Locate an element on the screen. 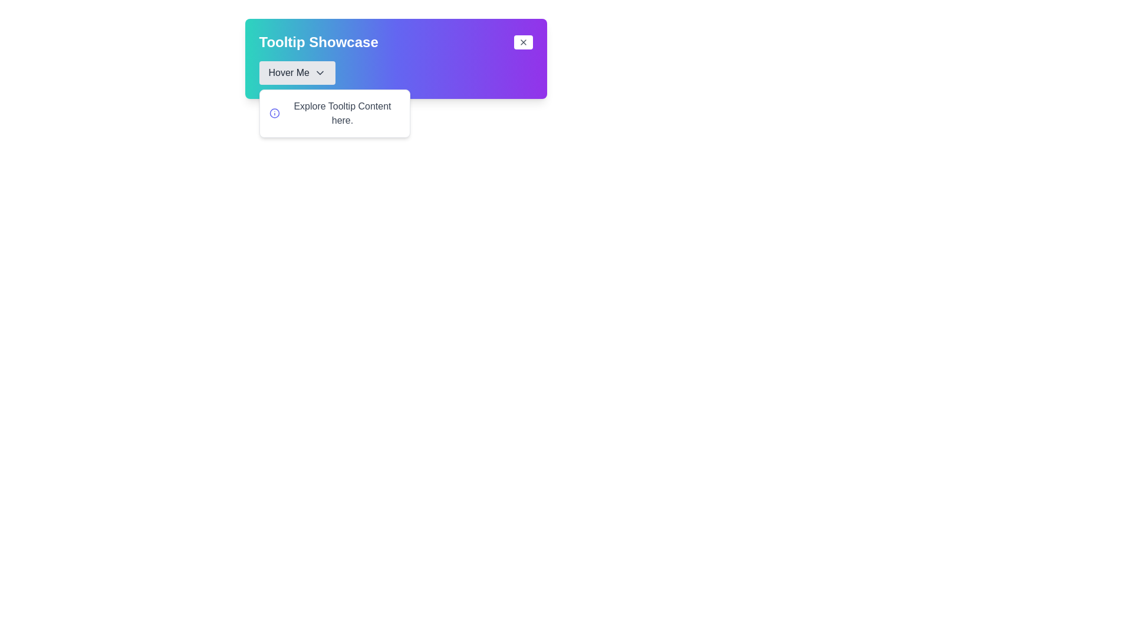  the inner circular part of the SVG icon that resembles an information symbol, located near the top right of a tooltip card within the 'Tooltip Showcase' header is located at coordinates (274, 113).